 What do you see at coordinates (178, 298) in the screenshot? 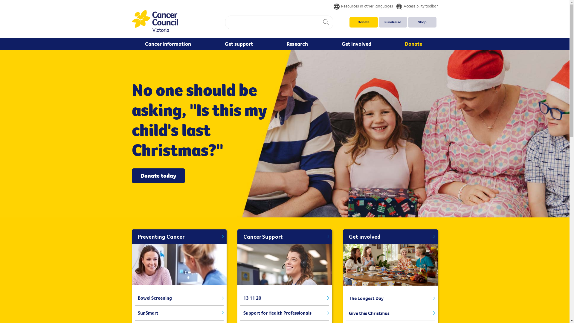
I see `'Bowel Screening'` at bounding box center [178, 298].